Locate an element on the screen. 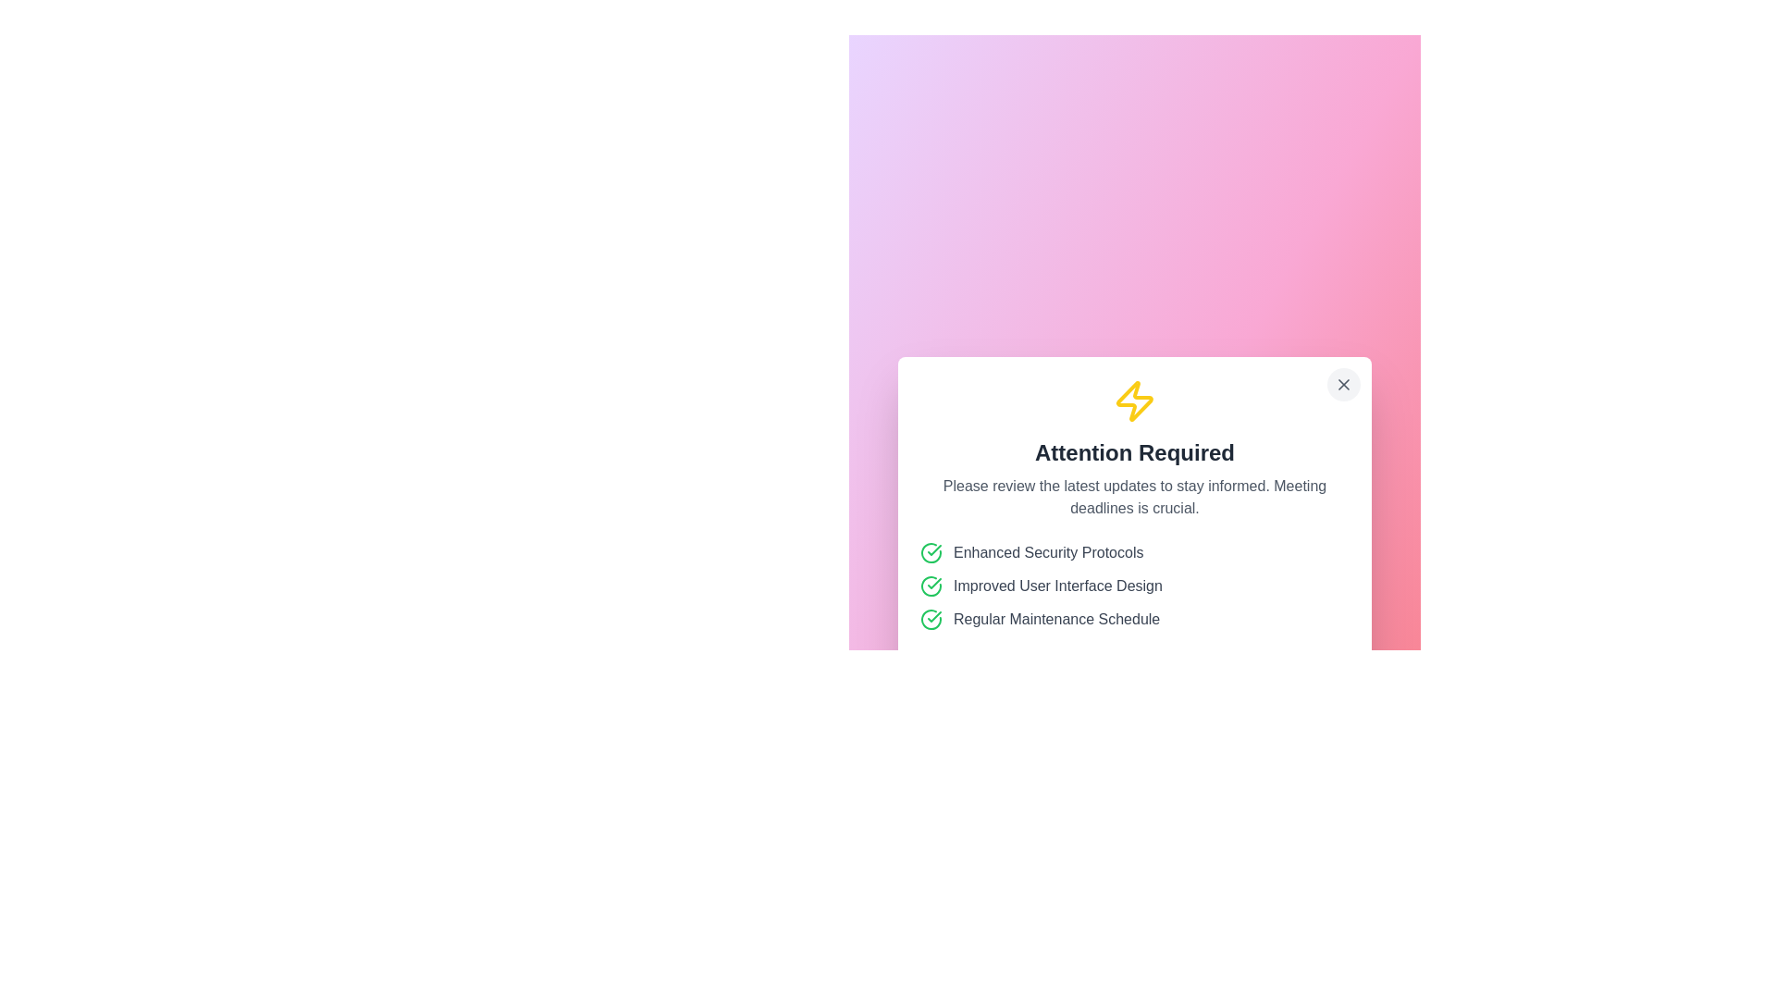 The height and width of the screenshot is (999, 1776). text content of the second item in the checklist, which is positioned below 'Enhanced Security Protocols' and above 'Regular Maintenance Schedule', accompanied by a green checkmark icon is located at coordinates (1057, 586).